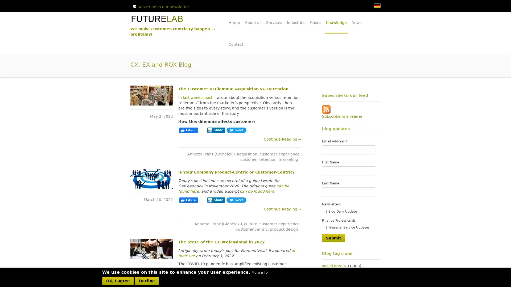  What do you see at coordinates (118, 280) in the screenshot?
I see `OK, I agree` at bounding box center [118, 280].